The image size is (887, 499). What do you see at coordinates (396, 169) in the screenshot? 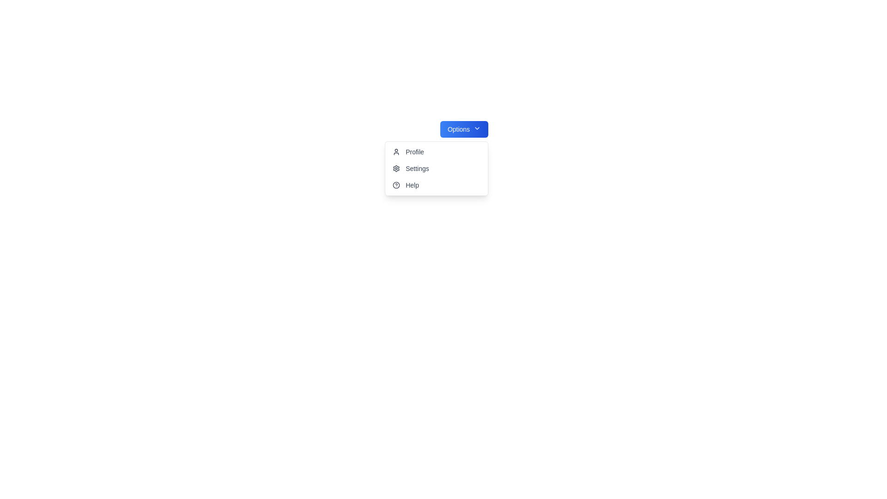
I see `the gear icon in the dropdown menu located below the 'Options' button, which is the second icon from the top` at bounding box center [396, 169].